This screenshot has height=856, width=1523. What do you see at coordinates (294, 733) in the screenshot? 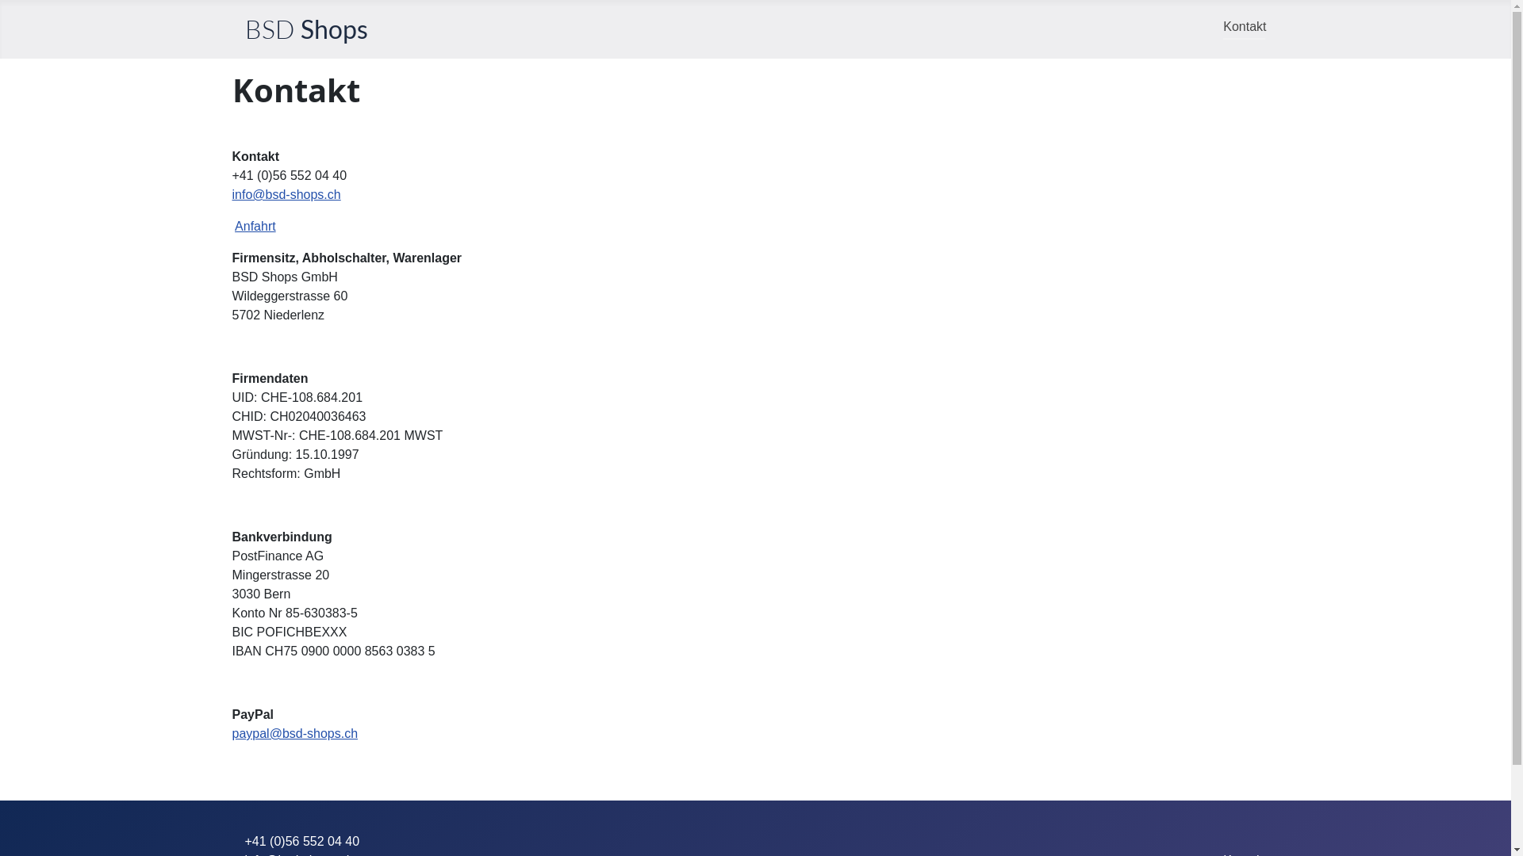
I see `'paypal@bsd-shops.ch'` at bounding box center [294, 733].